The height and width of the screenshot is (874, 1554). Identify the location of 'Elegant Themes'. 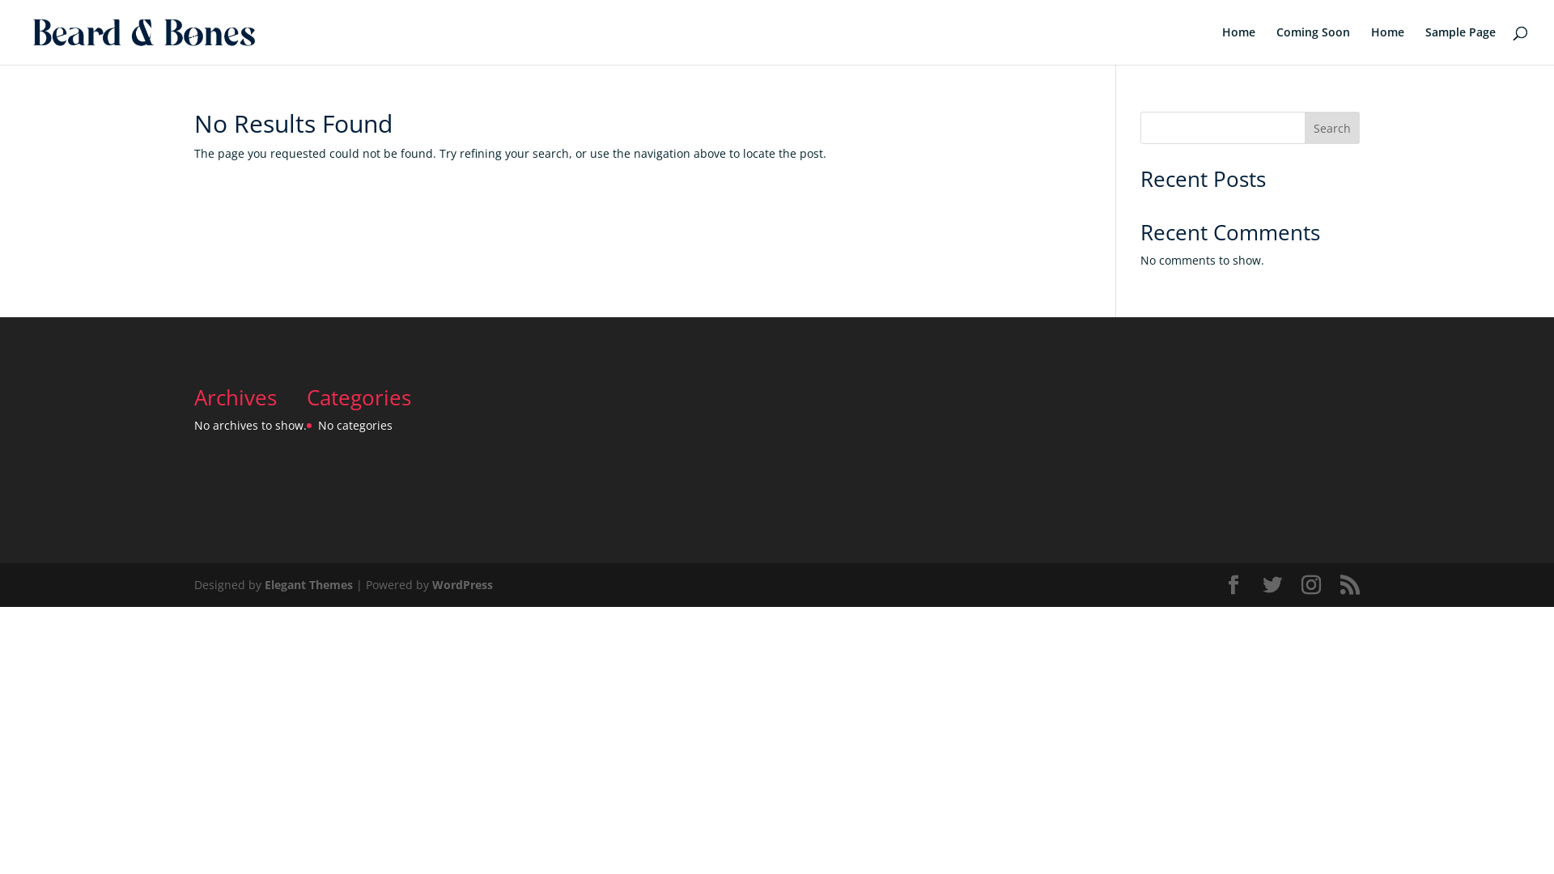
(308, 584).